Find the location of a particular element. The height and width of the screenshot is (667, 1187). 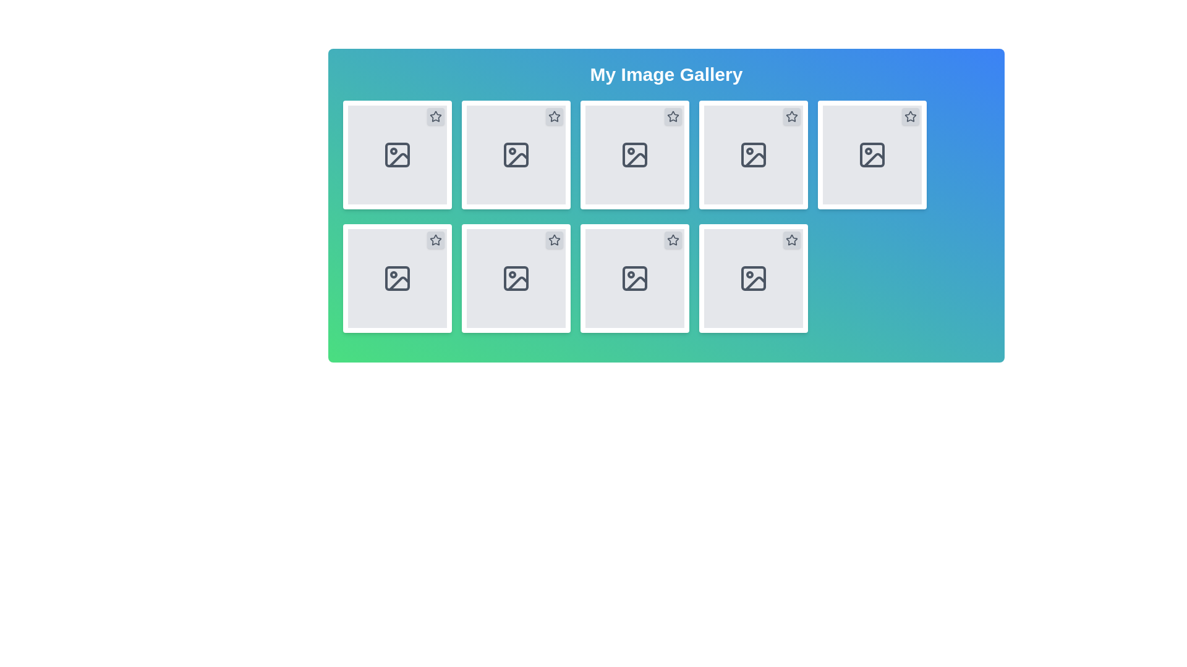

to interact with the minimalistic photo icon located in the lower-left position of a 3x3 grid layout is located at coordinates (398, 279).